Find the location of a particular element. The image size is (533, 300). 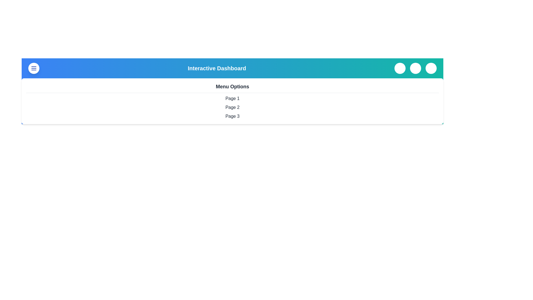

the menu option Page 3 to navigate to the corresponding page is located at coordinates (232, 116).